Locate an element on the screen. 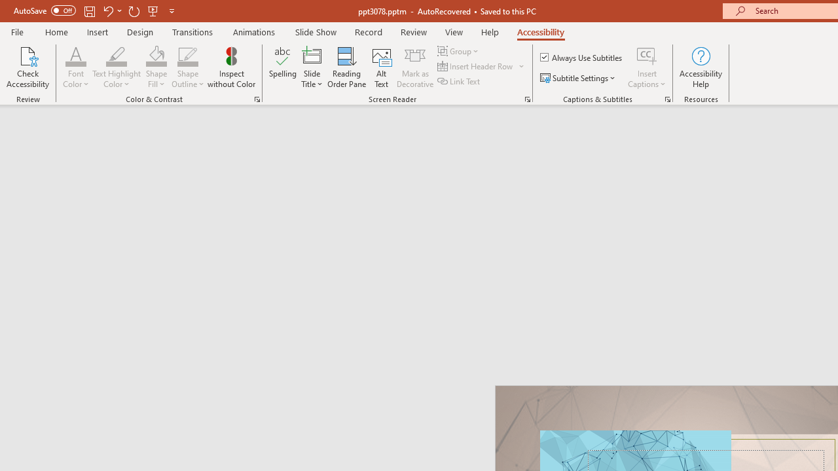 The image size is (838, 471). 'Captions & Subtitles' is located at coordinates (668, 98).